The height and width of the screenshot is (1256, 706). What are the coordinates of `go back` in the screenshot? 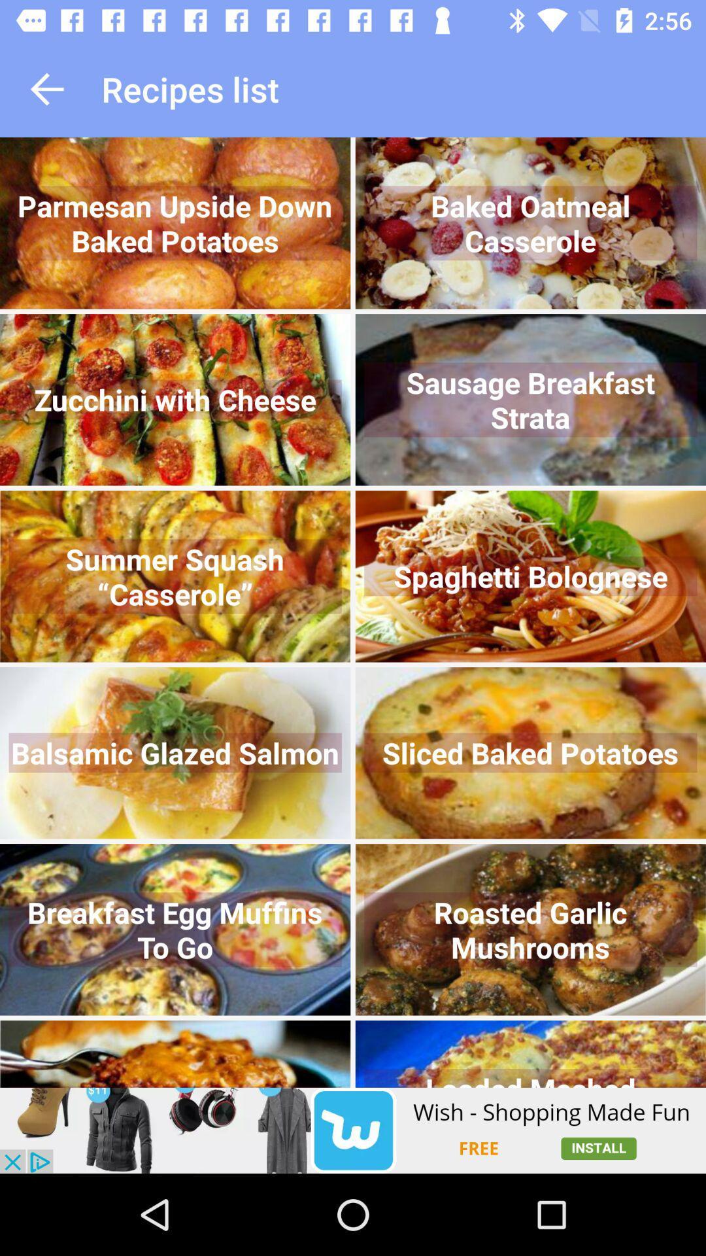 It's located at (46, 88).